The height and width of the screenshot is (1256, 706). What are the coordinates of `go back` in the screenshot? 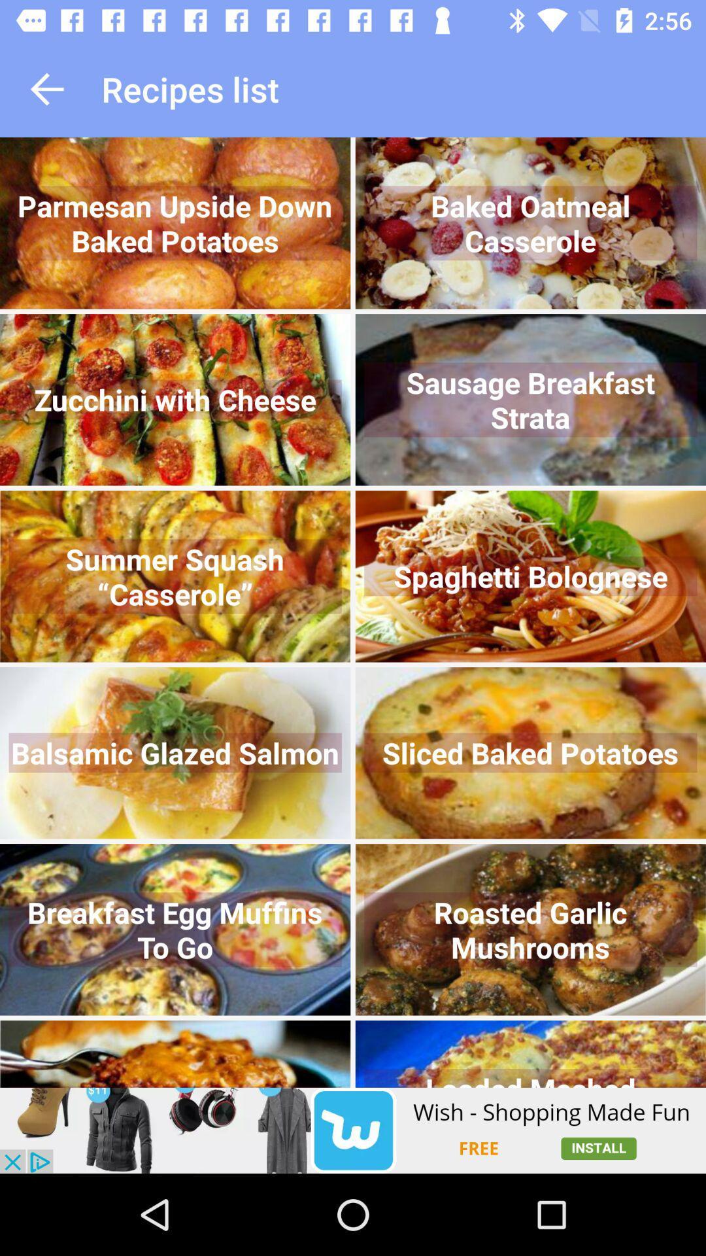 It's located at (46, 88).